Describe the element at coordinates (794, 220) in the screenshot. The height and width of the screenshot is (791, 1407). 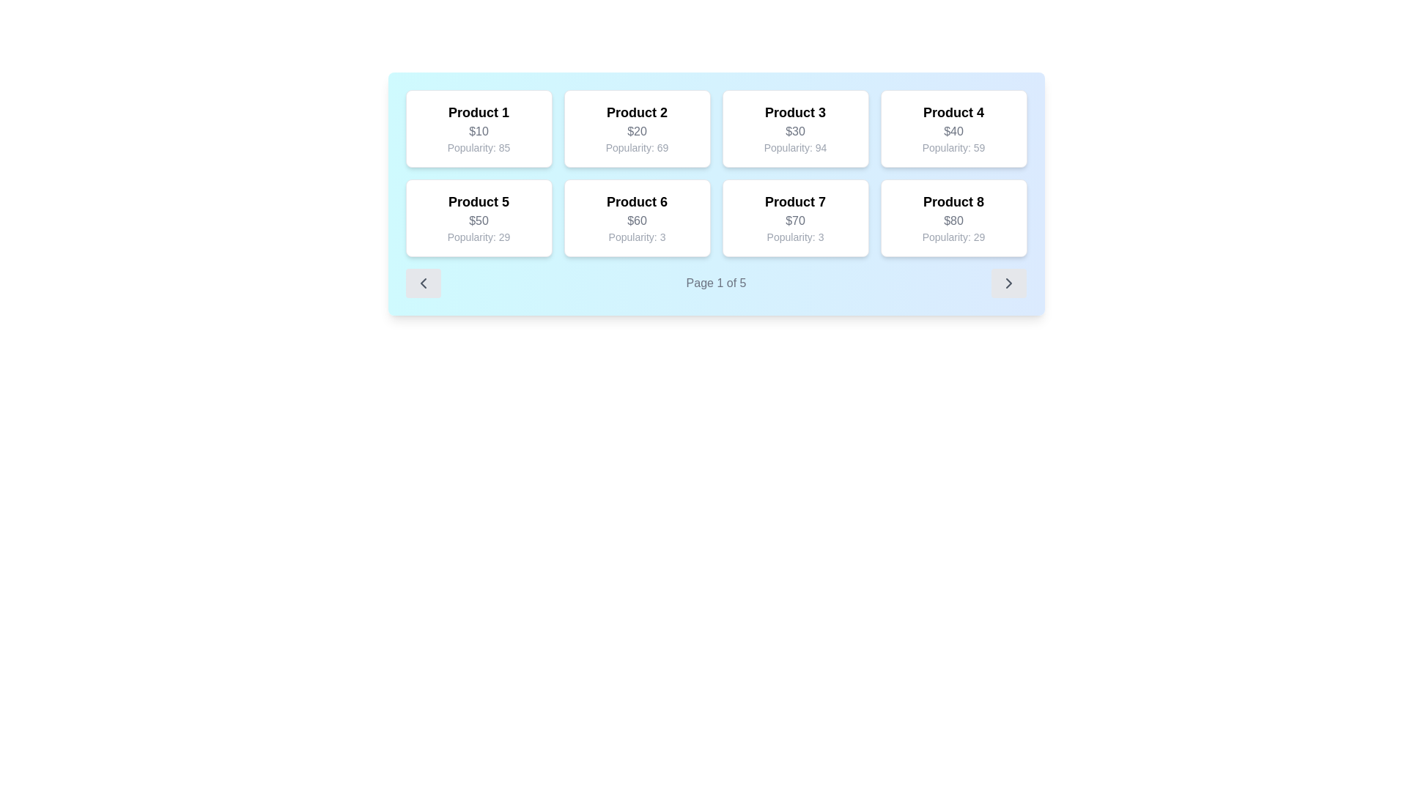
I see `price text label located beneath the product name in the card labeled 'Product 7', which is in the second row, third column of the grid of cards` at that location.